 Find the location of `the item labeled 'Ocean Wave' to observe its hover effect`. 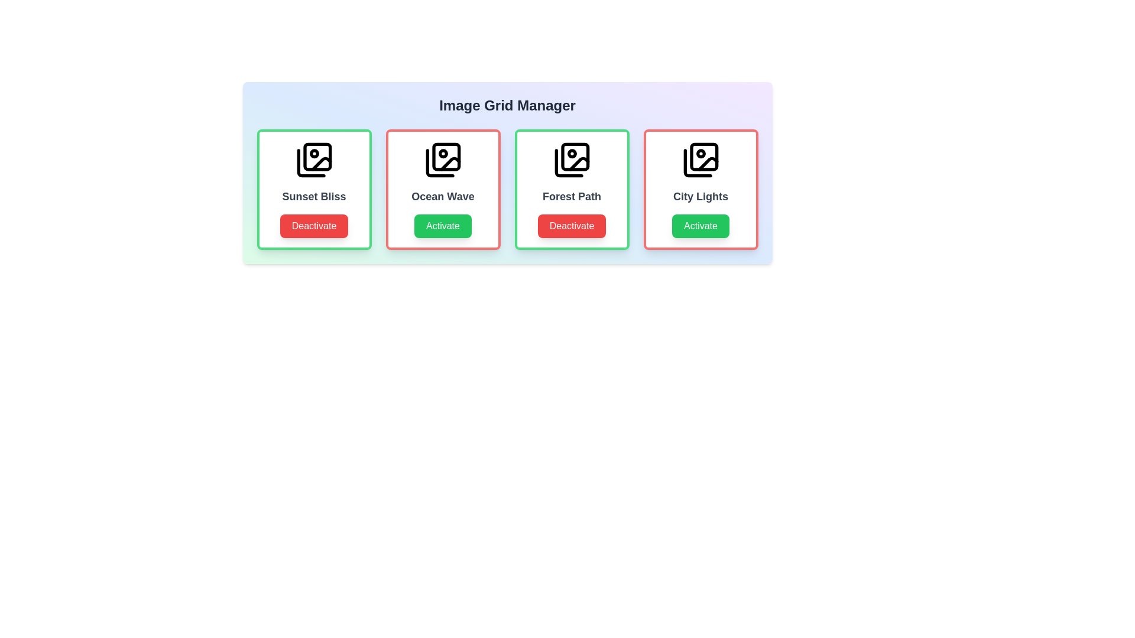

the item labeled 'Ocean Wave' to observe its hover effect is located at coordinates (442, 188).